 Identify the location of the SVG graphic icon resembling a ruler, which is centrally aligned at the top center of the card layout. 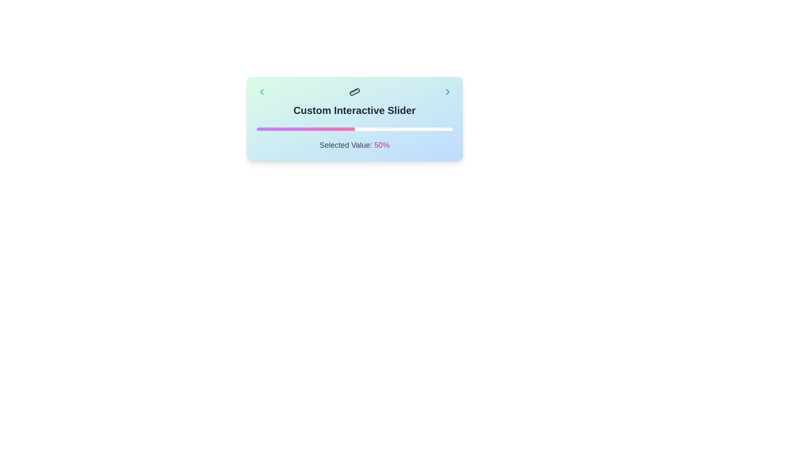
(354, 92).